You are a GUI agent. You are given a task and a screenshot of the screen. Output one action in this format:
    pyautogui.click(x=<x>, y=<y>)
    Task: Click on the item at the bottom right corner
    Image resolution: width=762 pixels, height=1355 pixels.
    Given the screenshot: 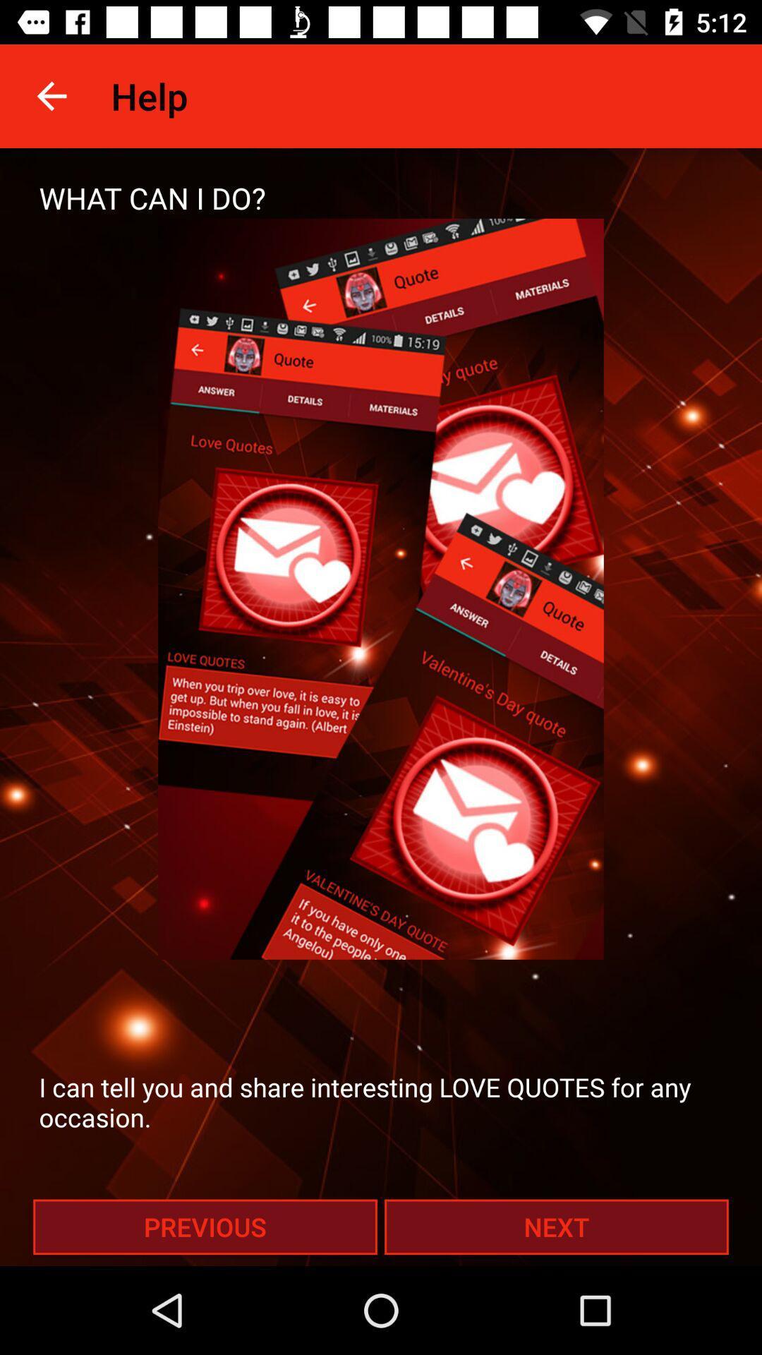 What is the action you would take?
    pyautogui.click(x=556, y=1226)
    